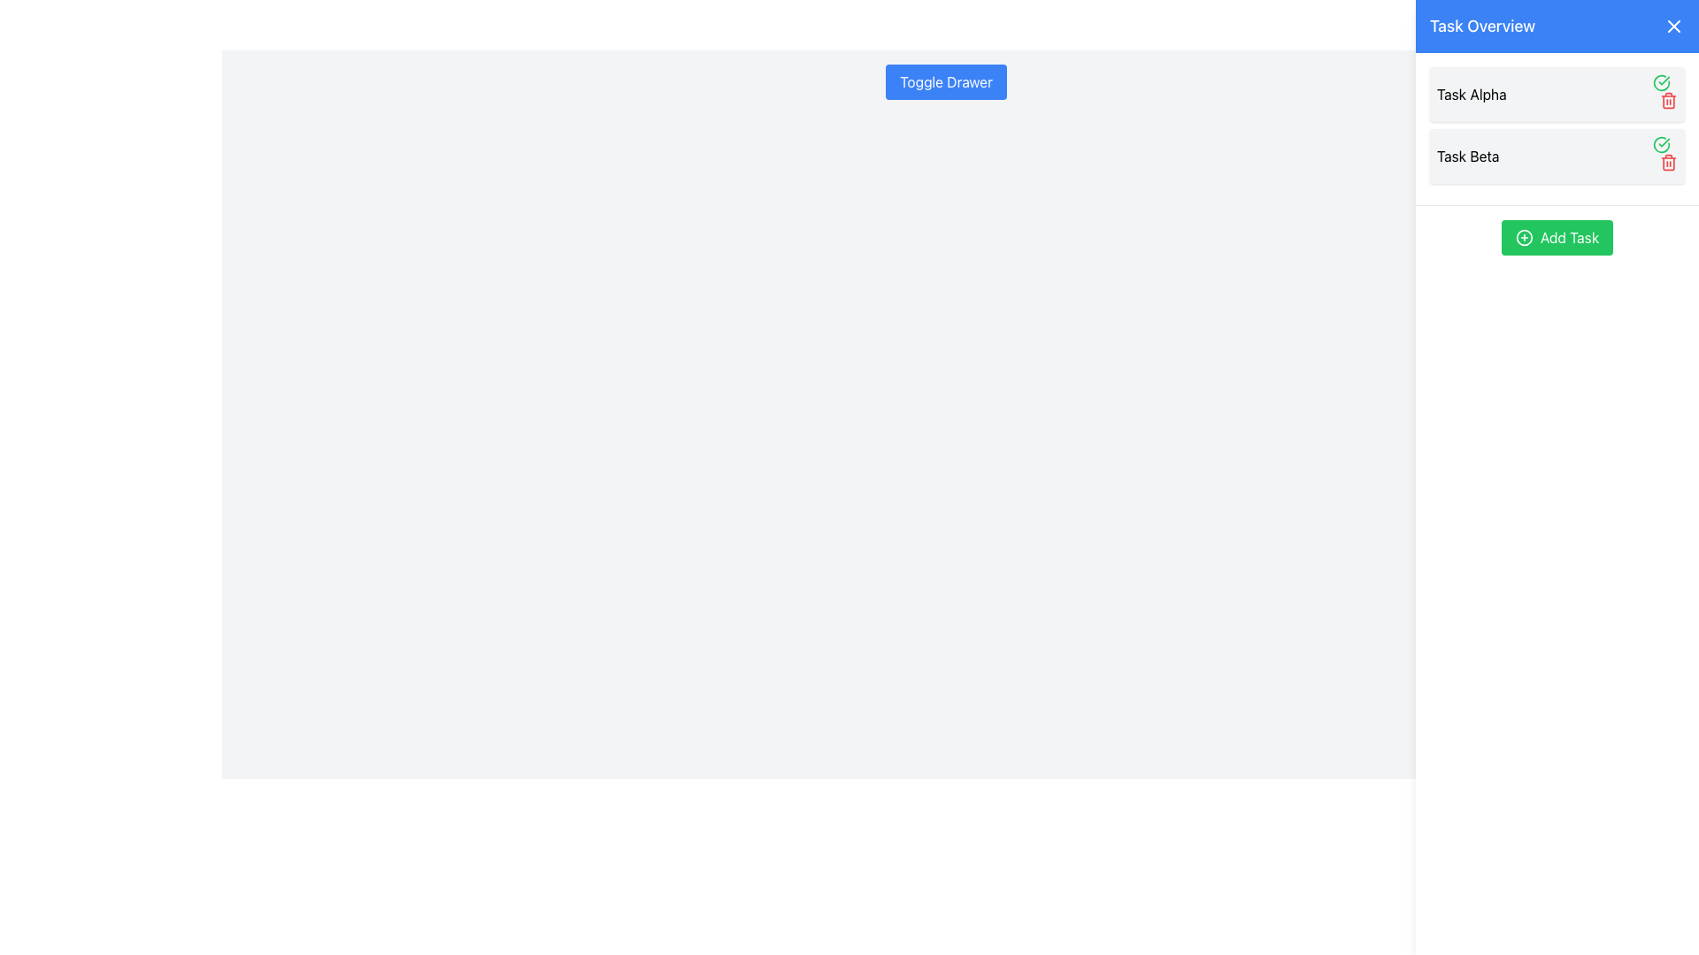 This screenshot has width=1699, height=955. Describe the element at coordinates (1660, 144) in the screenshot. I see `the green circle icon with a checkmark inside, located to the right of the 'Task Beta' label, to mark the task as complete` at that location.